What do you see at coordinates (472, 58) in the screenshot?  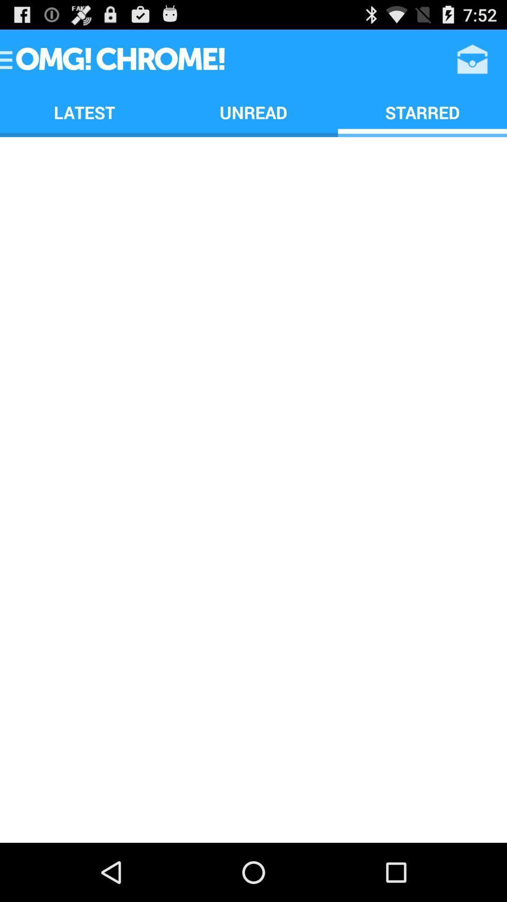 I see `the icon next to the unread icon` at bounding box center [472, 58].